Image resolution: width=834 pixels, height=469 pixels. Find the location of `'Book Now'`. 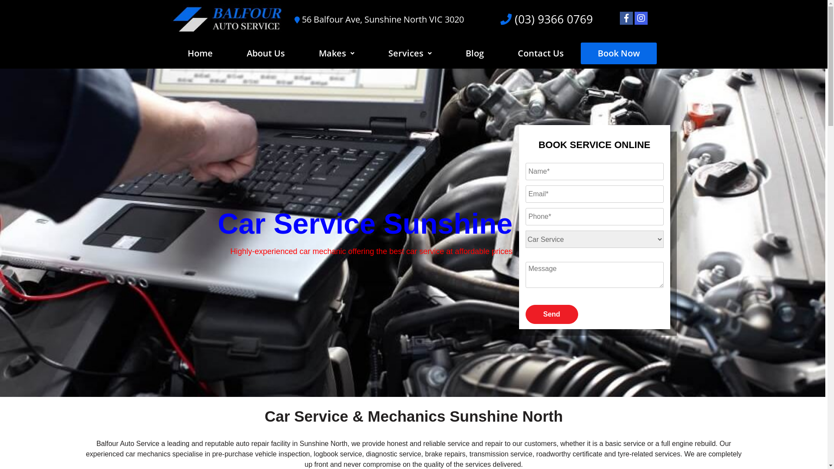

'Book Now' is located at coordinates (618, 53).